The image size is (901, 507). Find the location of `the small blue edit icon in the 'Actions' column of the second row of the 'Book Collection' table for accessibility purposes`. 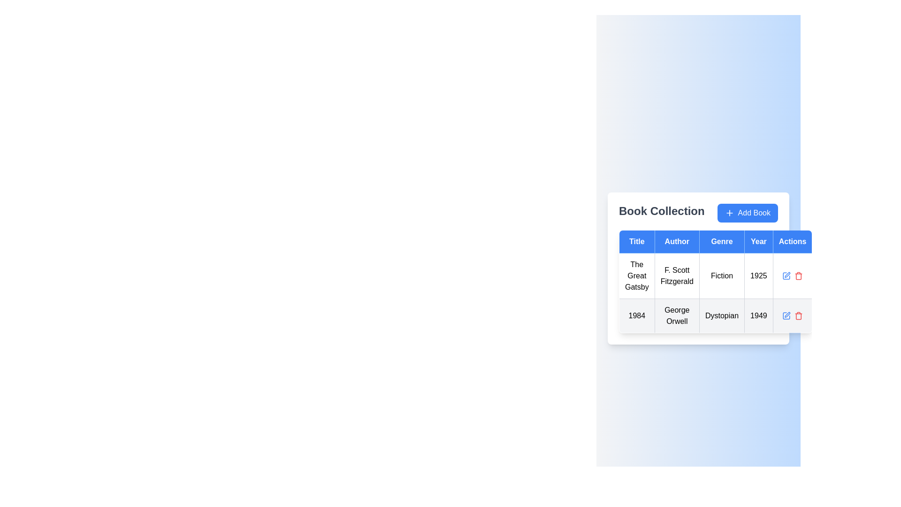

the small blue edit icon in the 'Actions' column of the second row of the 'Book Collection' table for accessibility purposes is located at coordinates (786, 315).